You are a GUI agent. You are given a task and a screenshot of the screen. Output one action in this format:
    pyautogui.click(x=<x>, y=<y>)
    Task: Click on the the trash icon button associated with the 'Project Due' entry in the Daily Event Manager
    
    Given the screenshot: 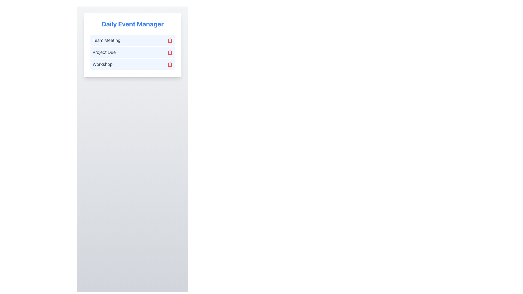 What is the action you would take?
    pyautogui.click(x=170, y=52)
    